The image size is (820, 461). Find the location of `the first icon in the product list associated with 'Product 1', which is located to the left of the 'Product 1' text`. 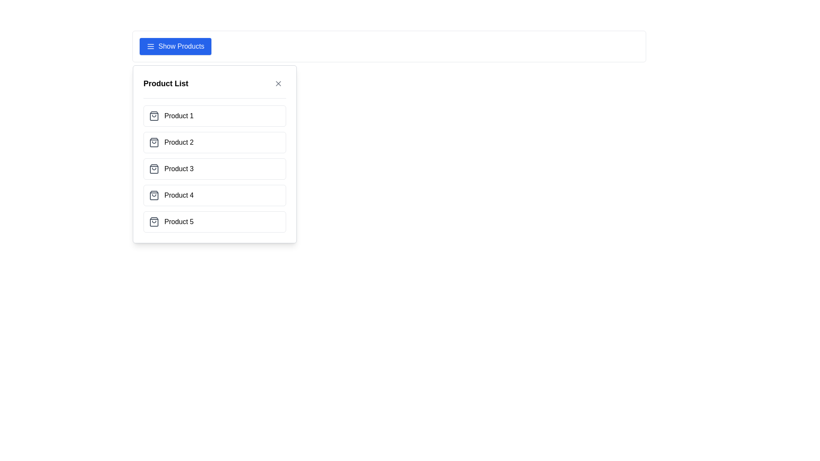

the first icon in the product list associated with 'Product 1', which is located to the left of the 'Product 1' text is located at coordinates (154, 116).